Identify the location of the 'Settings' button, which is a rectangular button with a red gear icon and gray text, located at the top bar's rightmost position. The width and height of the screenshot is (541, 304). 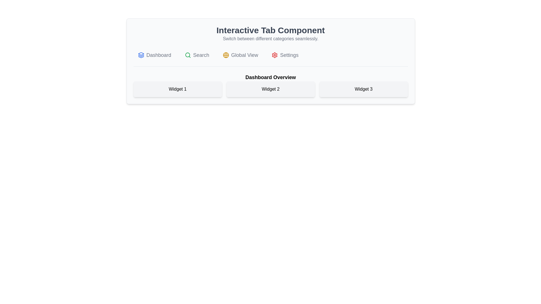
(285, 55).